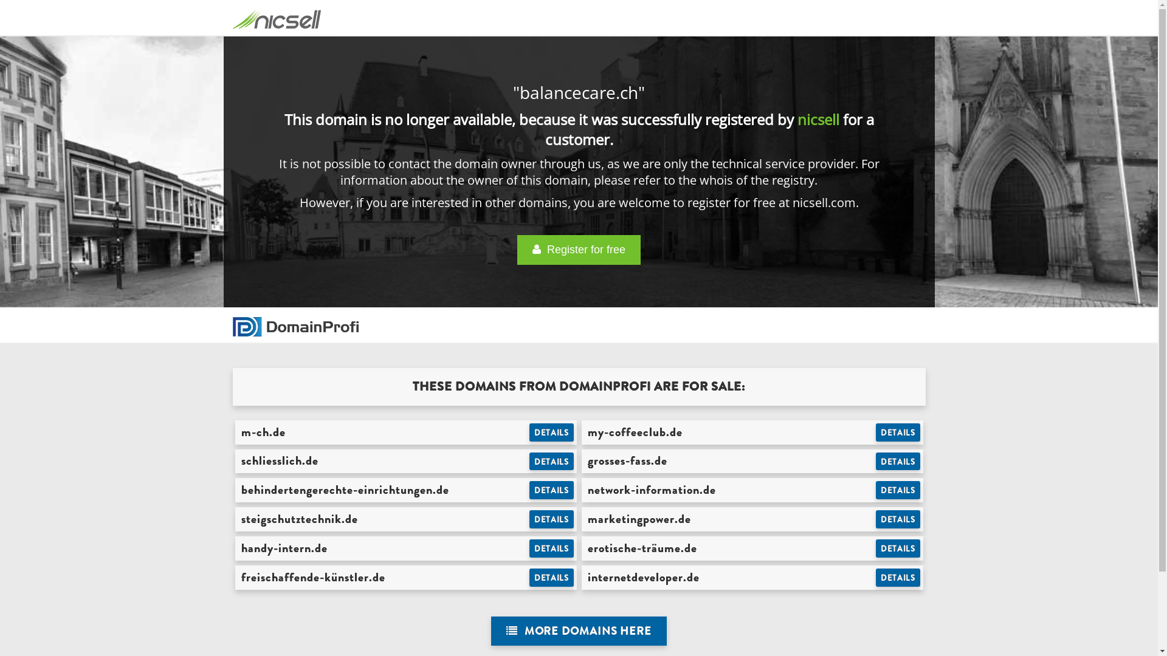 This screenshot has height=656, width=1167. What do you see at coordinates (551, 461) in the screenshot?
I see `'DETAILS'` at bounding box center [551, 461].